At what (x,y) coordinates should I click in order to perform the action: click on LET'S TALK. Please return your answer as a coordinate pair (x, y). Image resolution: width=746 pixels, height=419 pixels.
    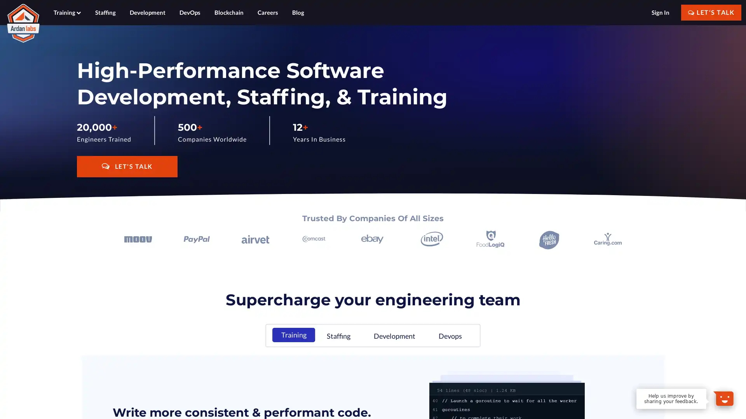
    Looking at the image, I should click on (711, 12).